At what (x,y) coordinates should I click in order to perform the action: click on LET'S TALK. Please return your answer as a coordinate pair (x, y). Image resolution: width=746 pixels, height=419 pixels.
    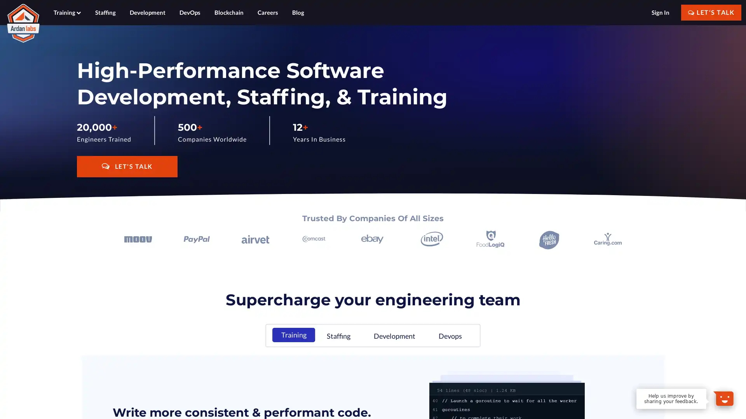
    Looking at the image, I should click on (711, 12).